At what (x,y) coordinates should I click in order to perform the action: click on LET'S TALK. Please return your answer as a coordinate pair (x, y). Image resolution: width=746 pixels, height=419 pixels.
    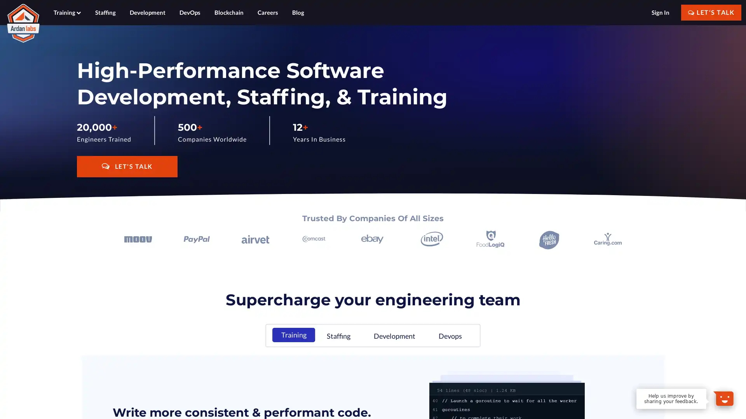
    Looking at the image, I should click on (711, 12).